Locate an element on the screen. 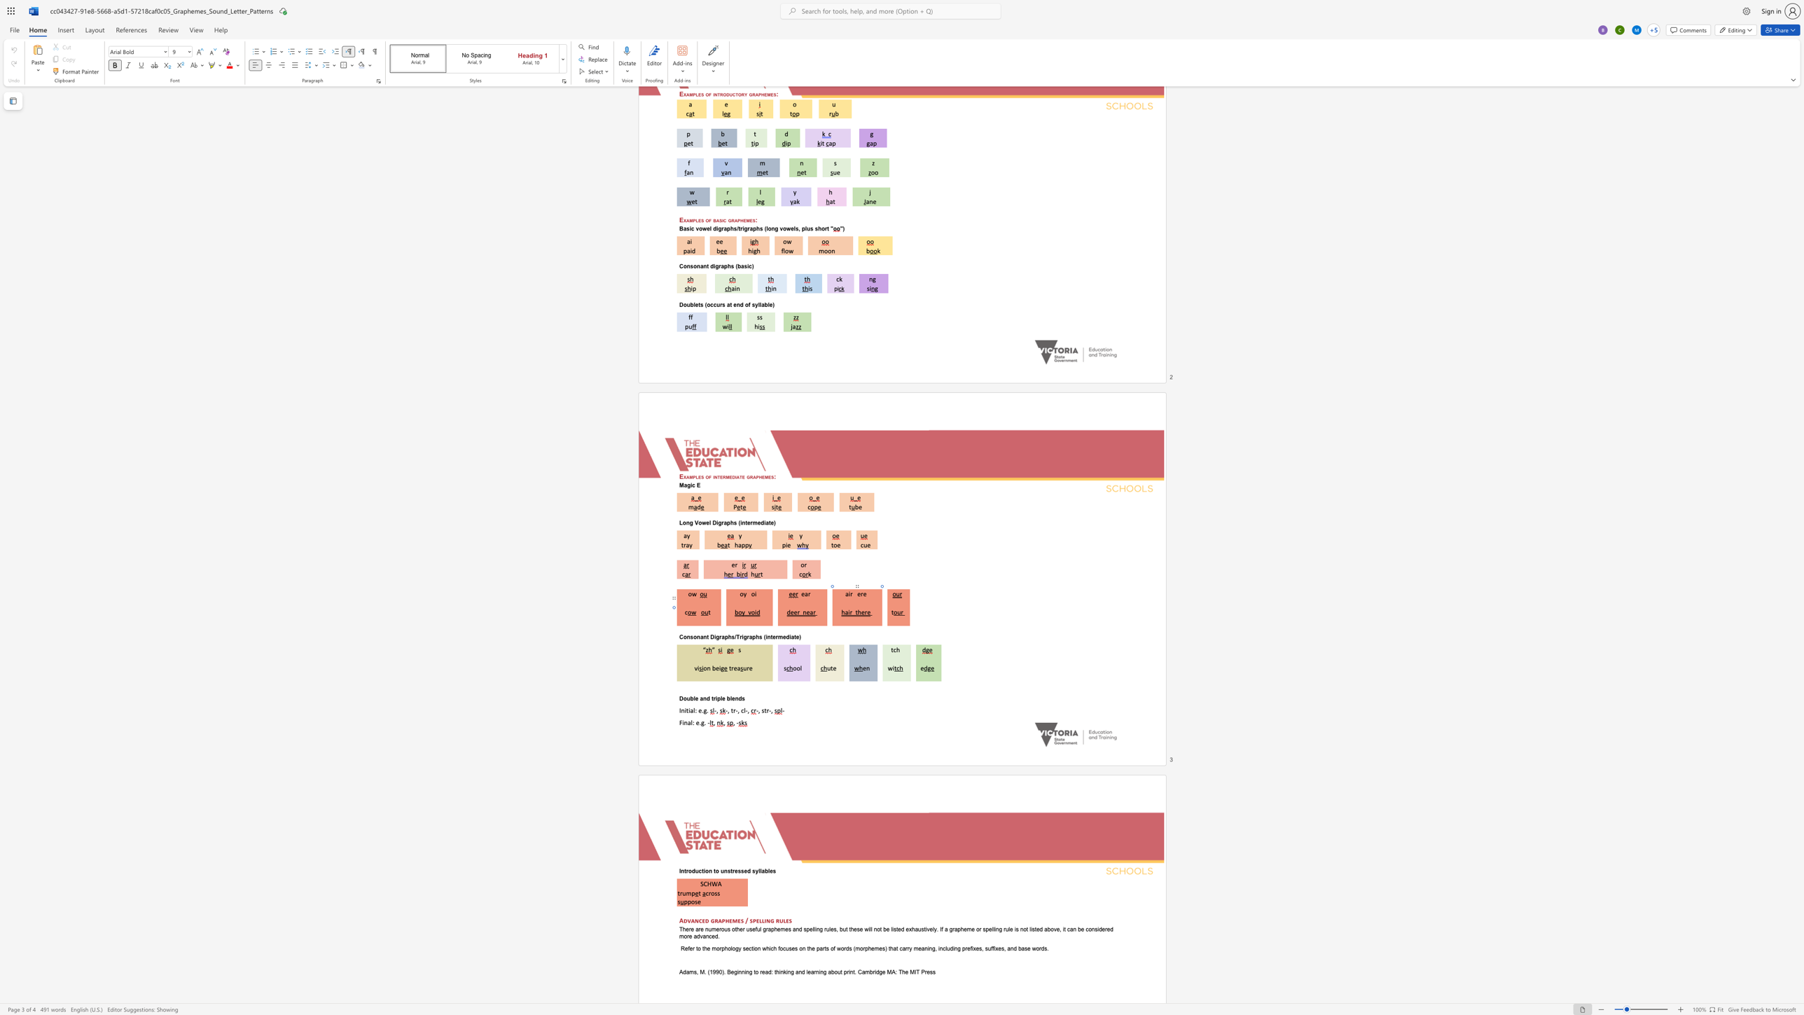 The height and width of the screenshot is (1015, 1804). the 1th character "l" in the text is located at coordinates (694, 698).